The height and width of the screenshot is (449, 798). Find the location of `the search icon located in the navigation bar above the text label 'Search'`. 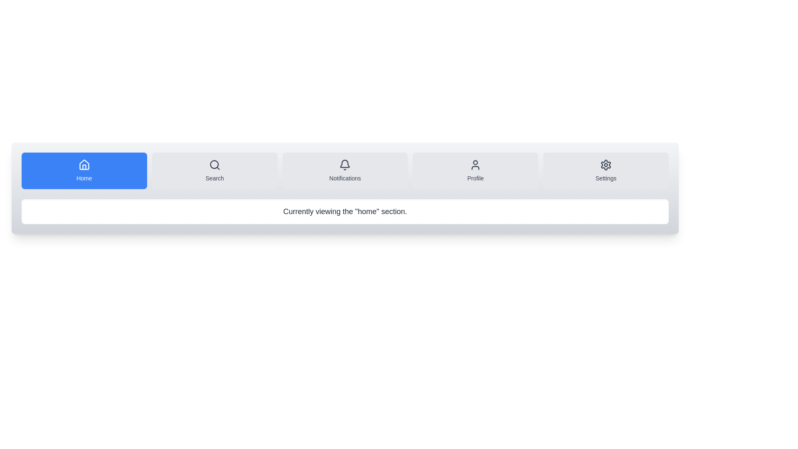

the search icon located in the navigation bar above the text label 'Search' is located at coordinates (214, 165).